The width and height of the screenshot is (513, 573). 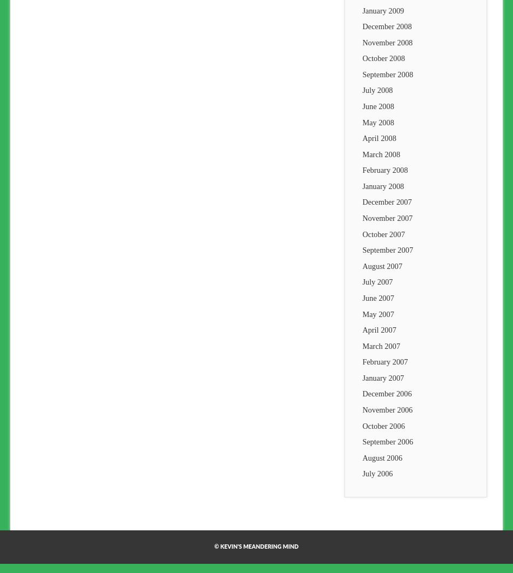 What do you see at coordinates (362, 250) in the screenshot?
I see `'September 2007'` at bounding box center [362, 250].